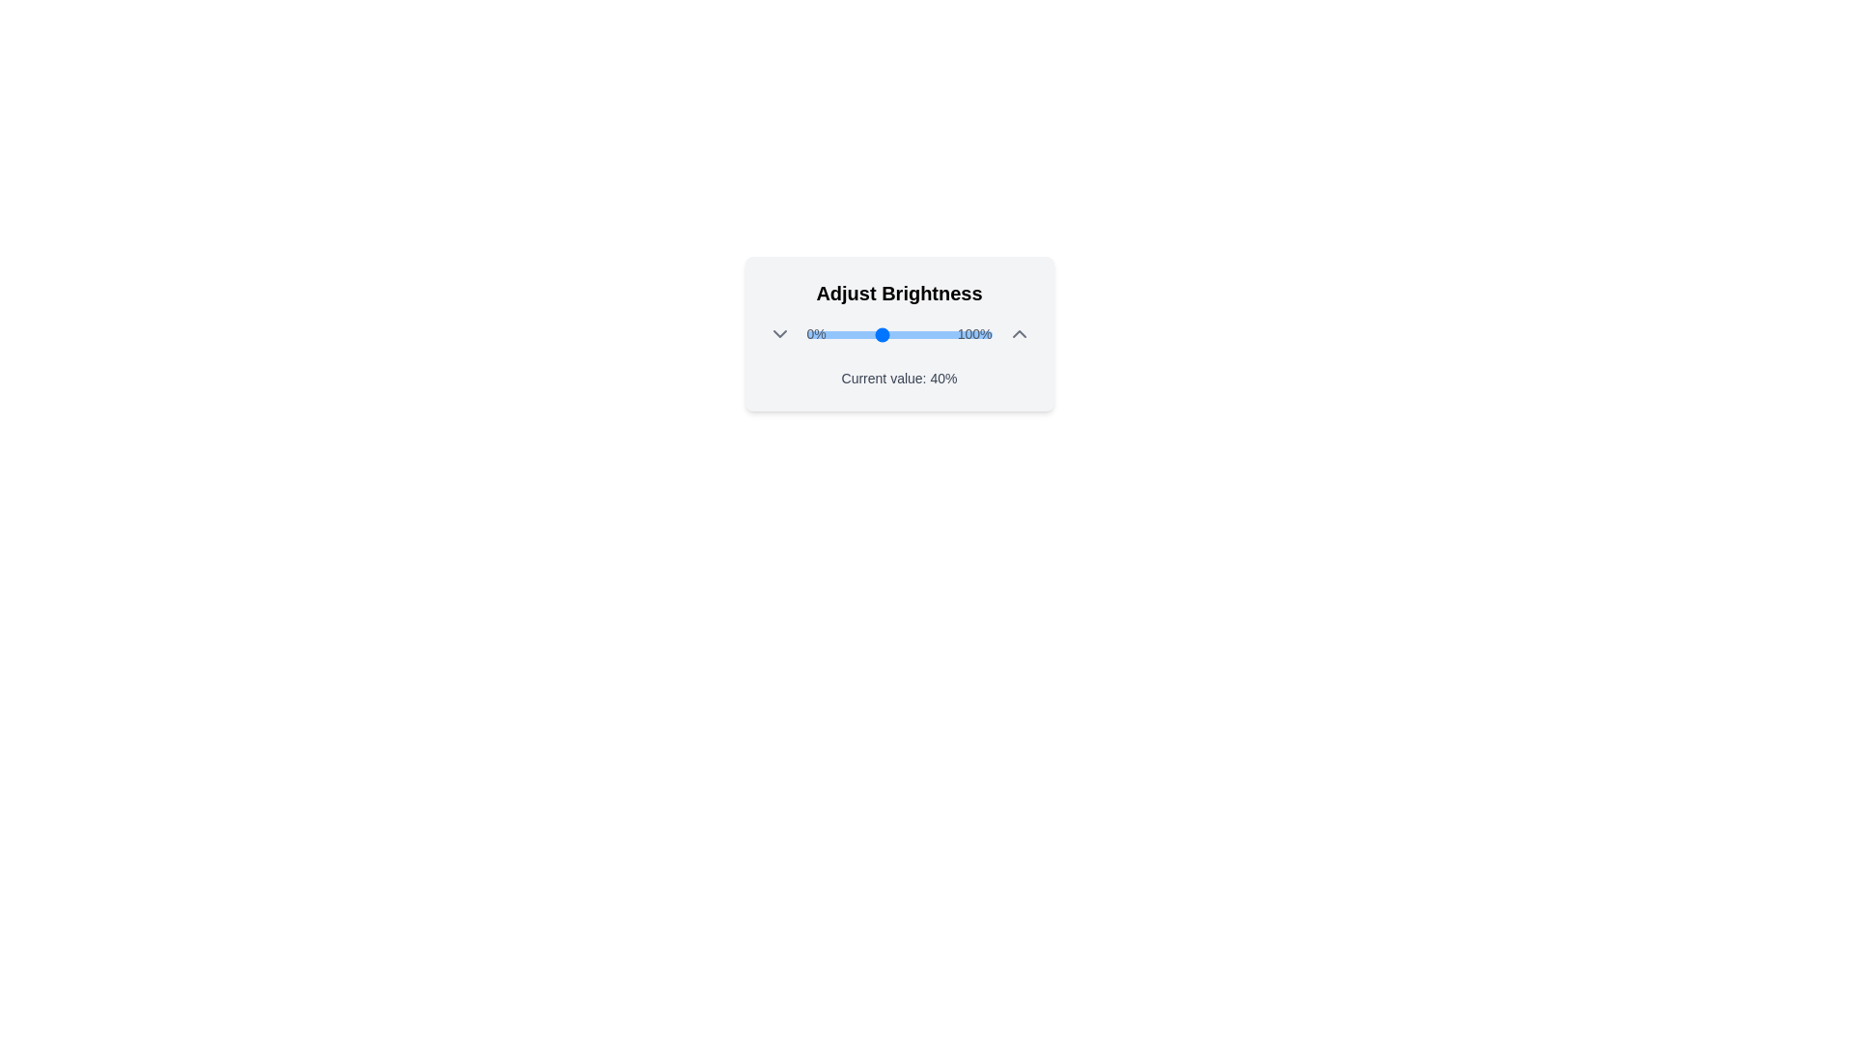 Image resolution: width=1854 pixels, height=1043 pixels. What do you see at coordinates (892, 334) in the screenshot?
I see `brightness` at bounding box center [892, 334].